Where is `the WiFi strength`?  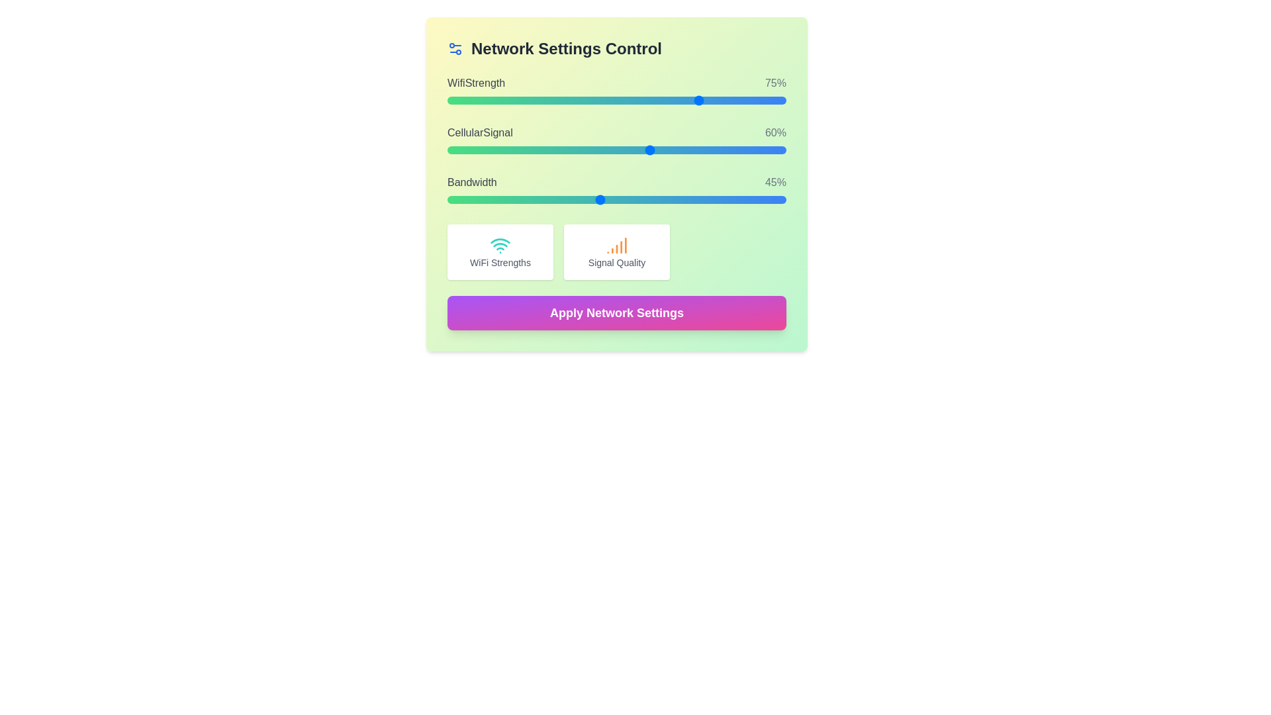
the WiFi strength is located at coordinates (697, 99).